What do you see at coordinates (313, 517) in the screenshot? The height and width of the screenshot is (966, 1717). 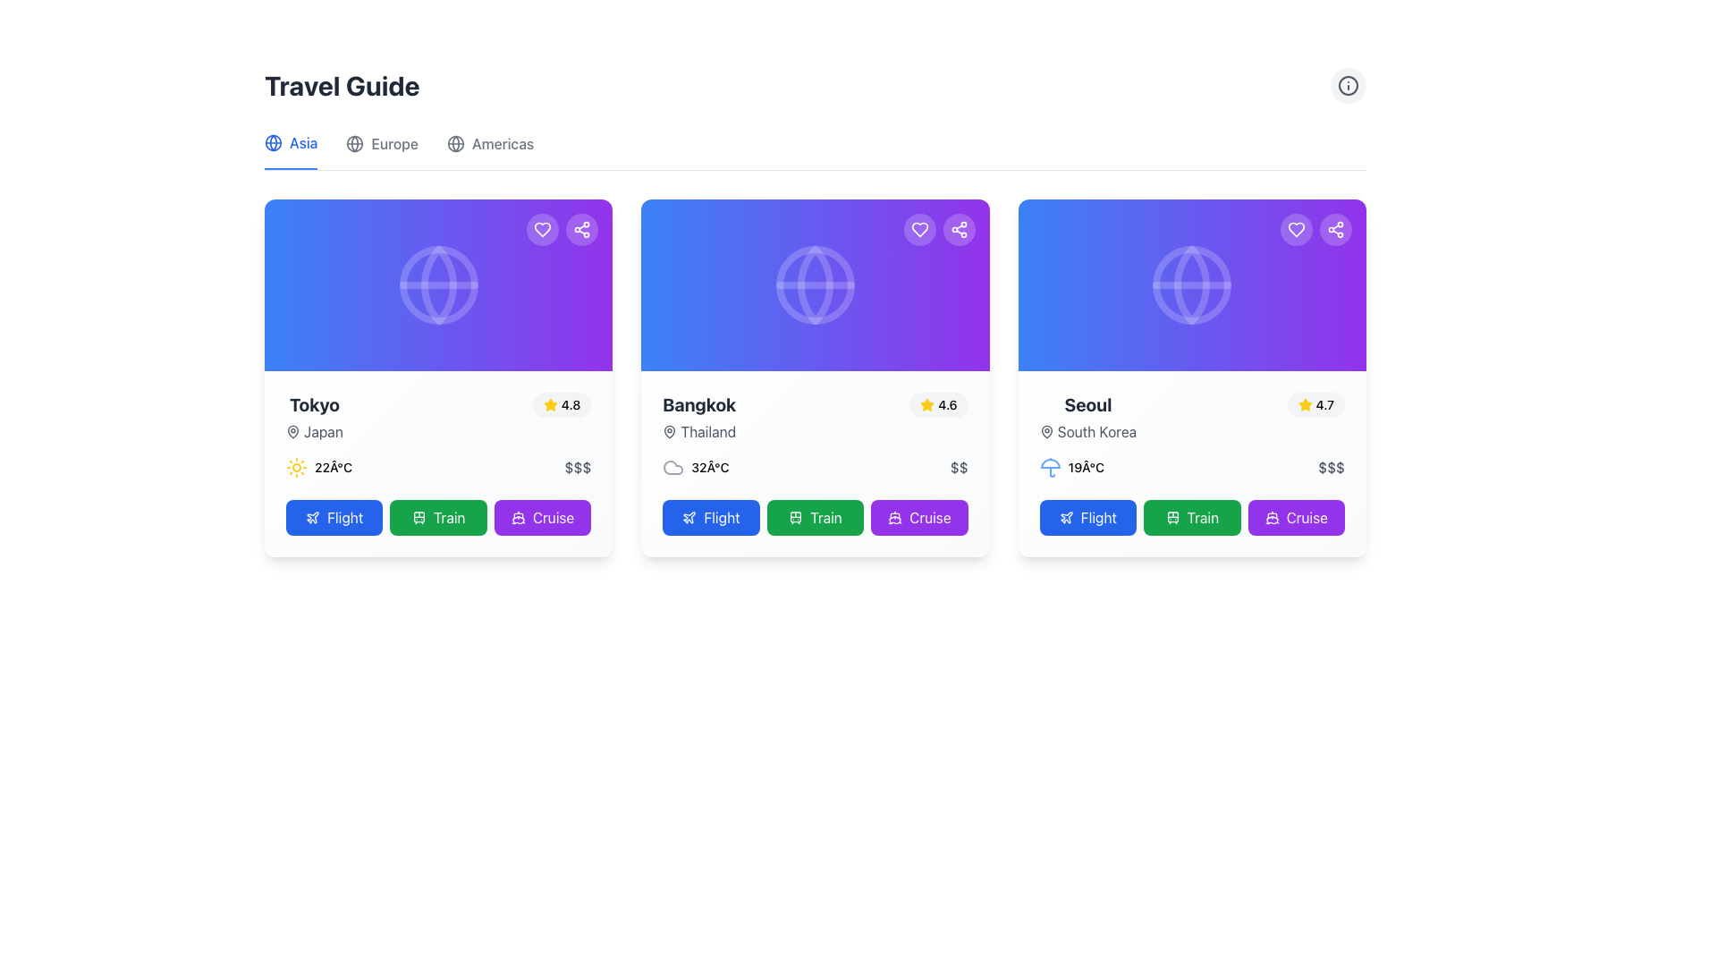 I see `the flight icon located to the left of the 'Flight' button on the Tokyo card at the bottom of the UI` at bounding box center [313, 517].